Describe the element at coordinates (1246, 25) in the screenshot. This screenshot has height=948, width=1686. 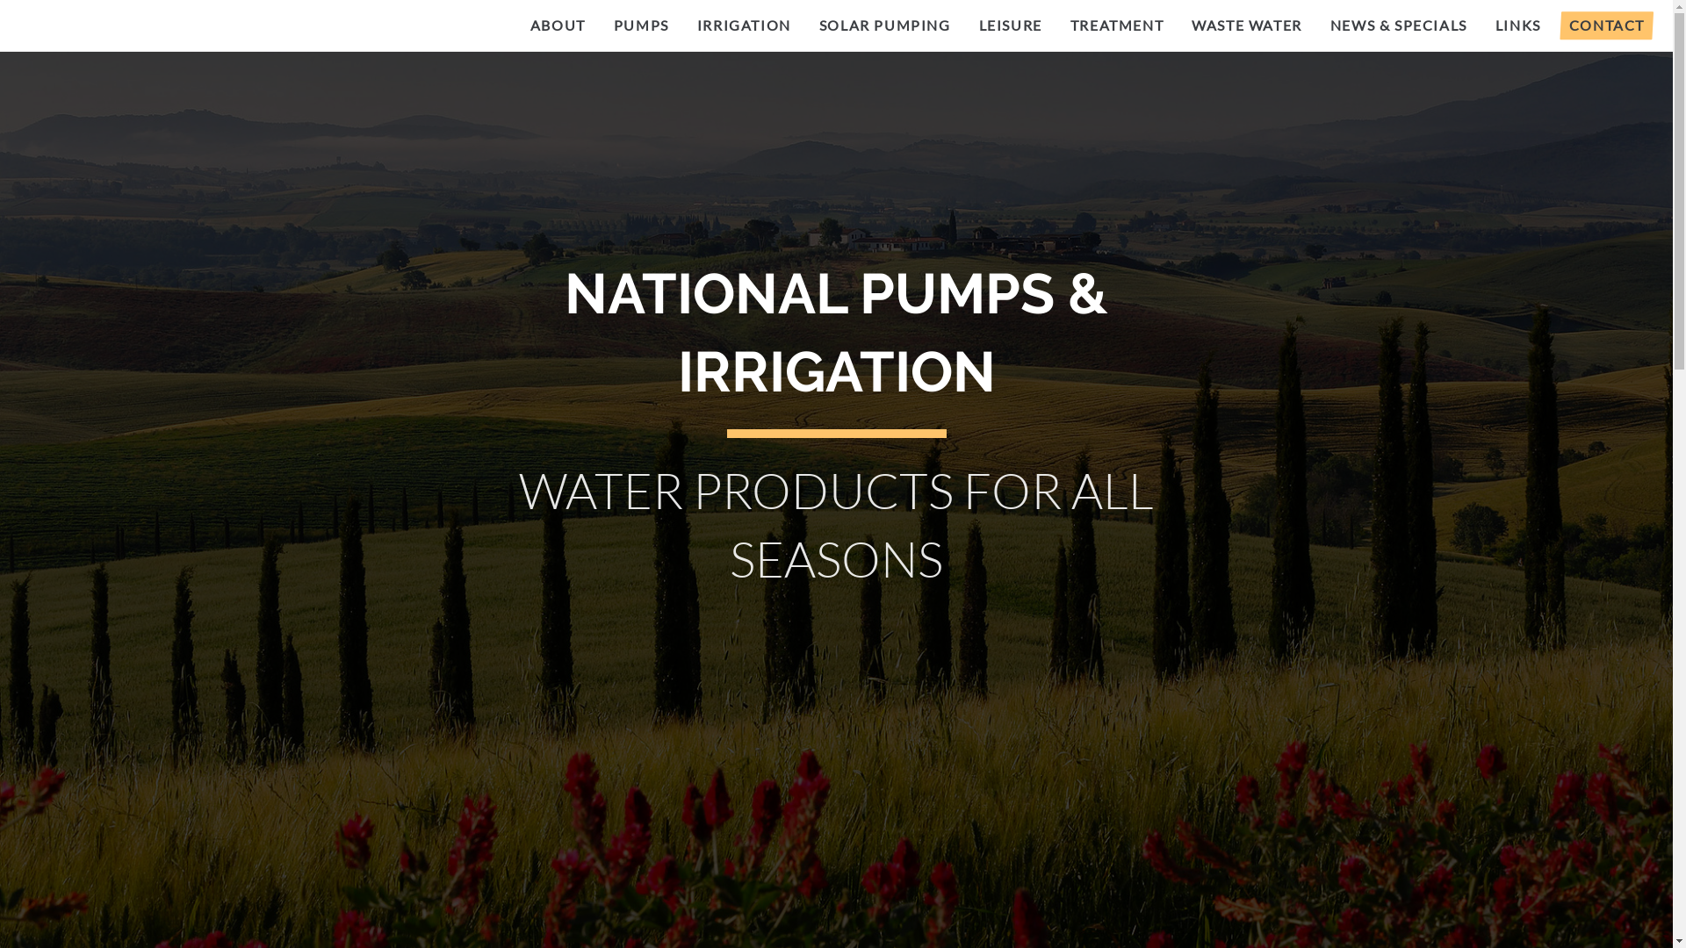
I see `'WASTE WATER'` at that location.